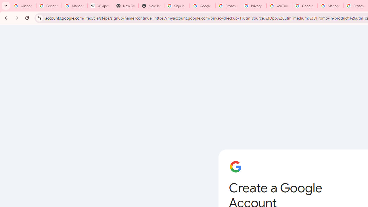  Describe the element at coordinates (74, 6) in the screenshot. I see `'Manage your Location History - Google Search Help'` at that location.